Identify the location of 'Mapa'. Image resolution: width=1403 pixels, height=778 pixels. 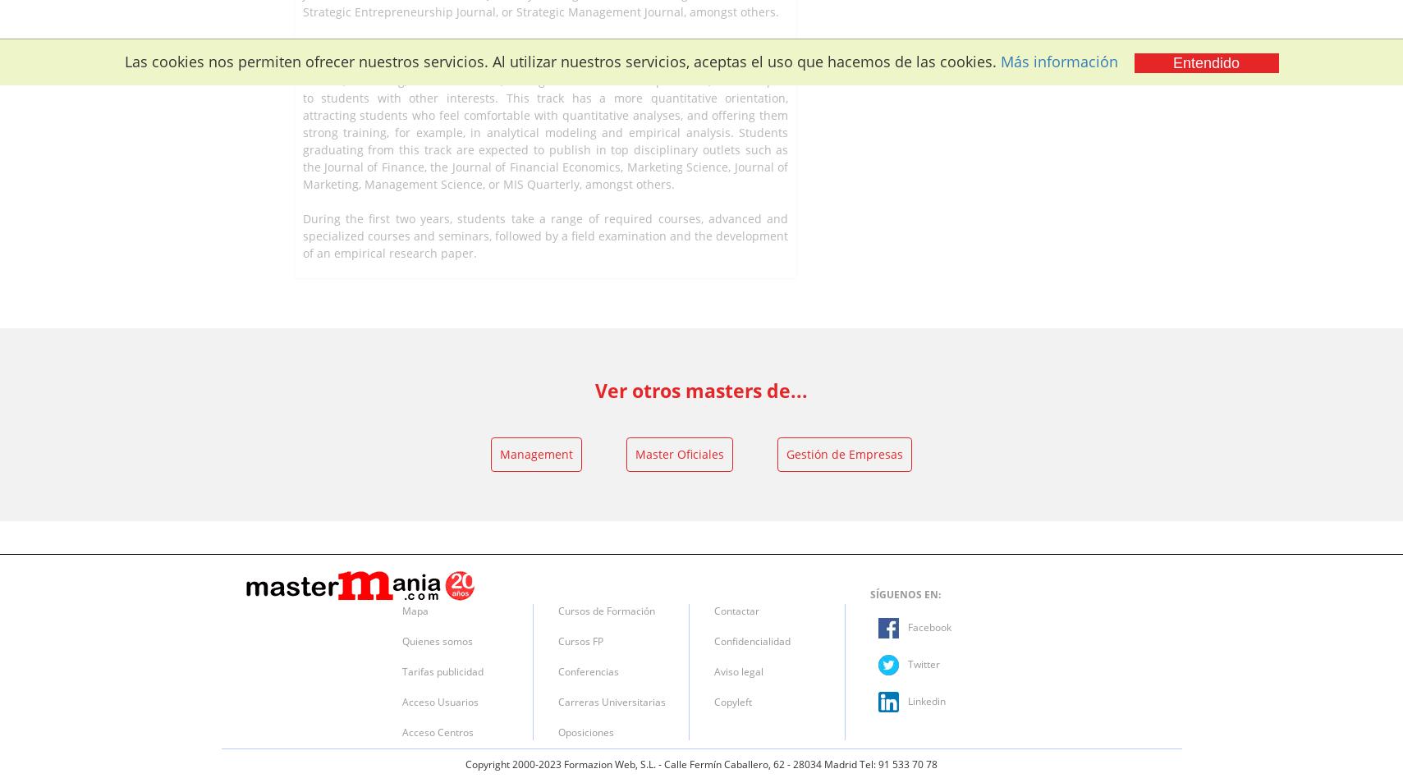
(414, 610).